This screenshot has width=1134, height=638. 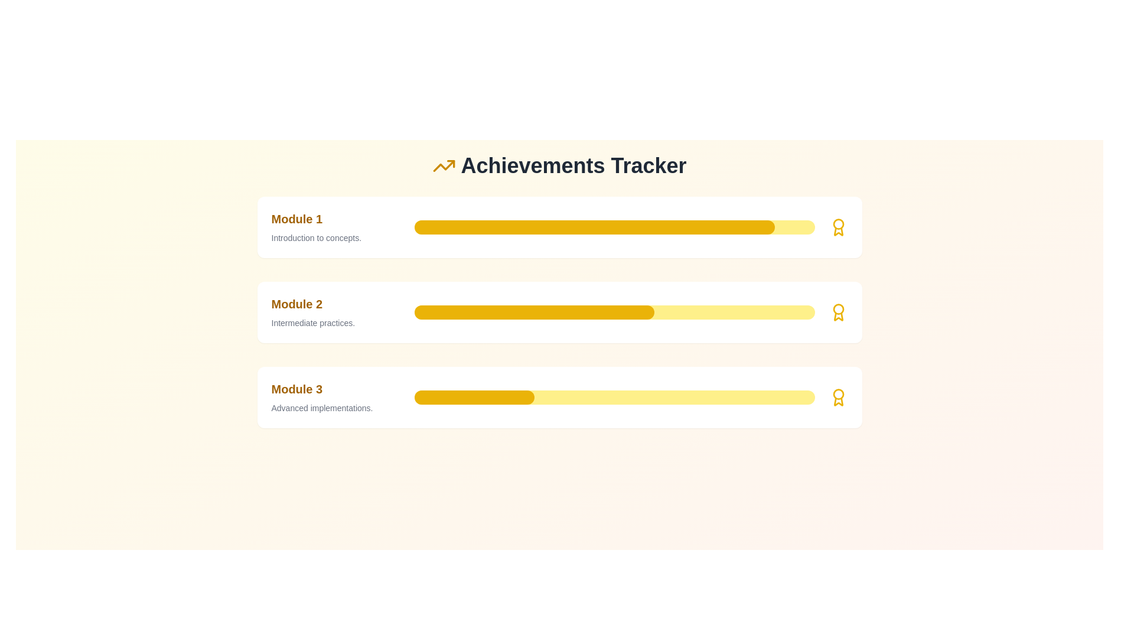 What do you see at coordinates (838, 394) in the screenshot?
I see `the circular decorative icon located at the rightmost edge of the third module's progress bar to understand its symbolic meaning` at bounding box center [838, 394].